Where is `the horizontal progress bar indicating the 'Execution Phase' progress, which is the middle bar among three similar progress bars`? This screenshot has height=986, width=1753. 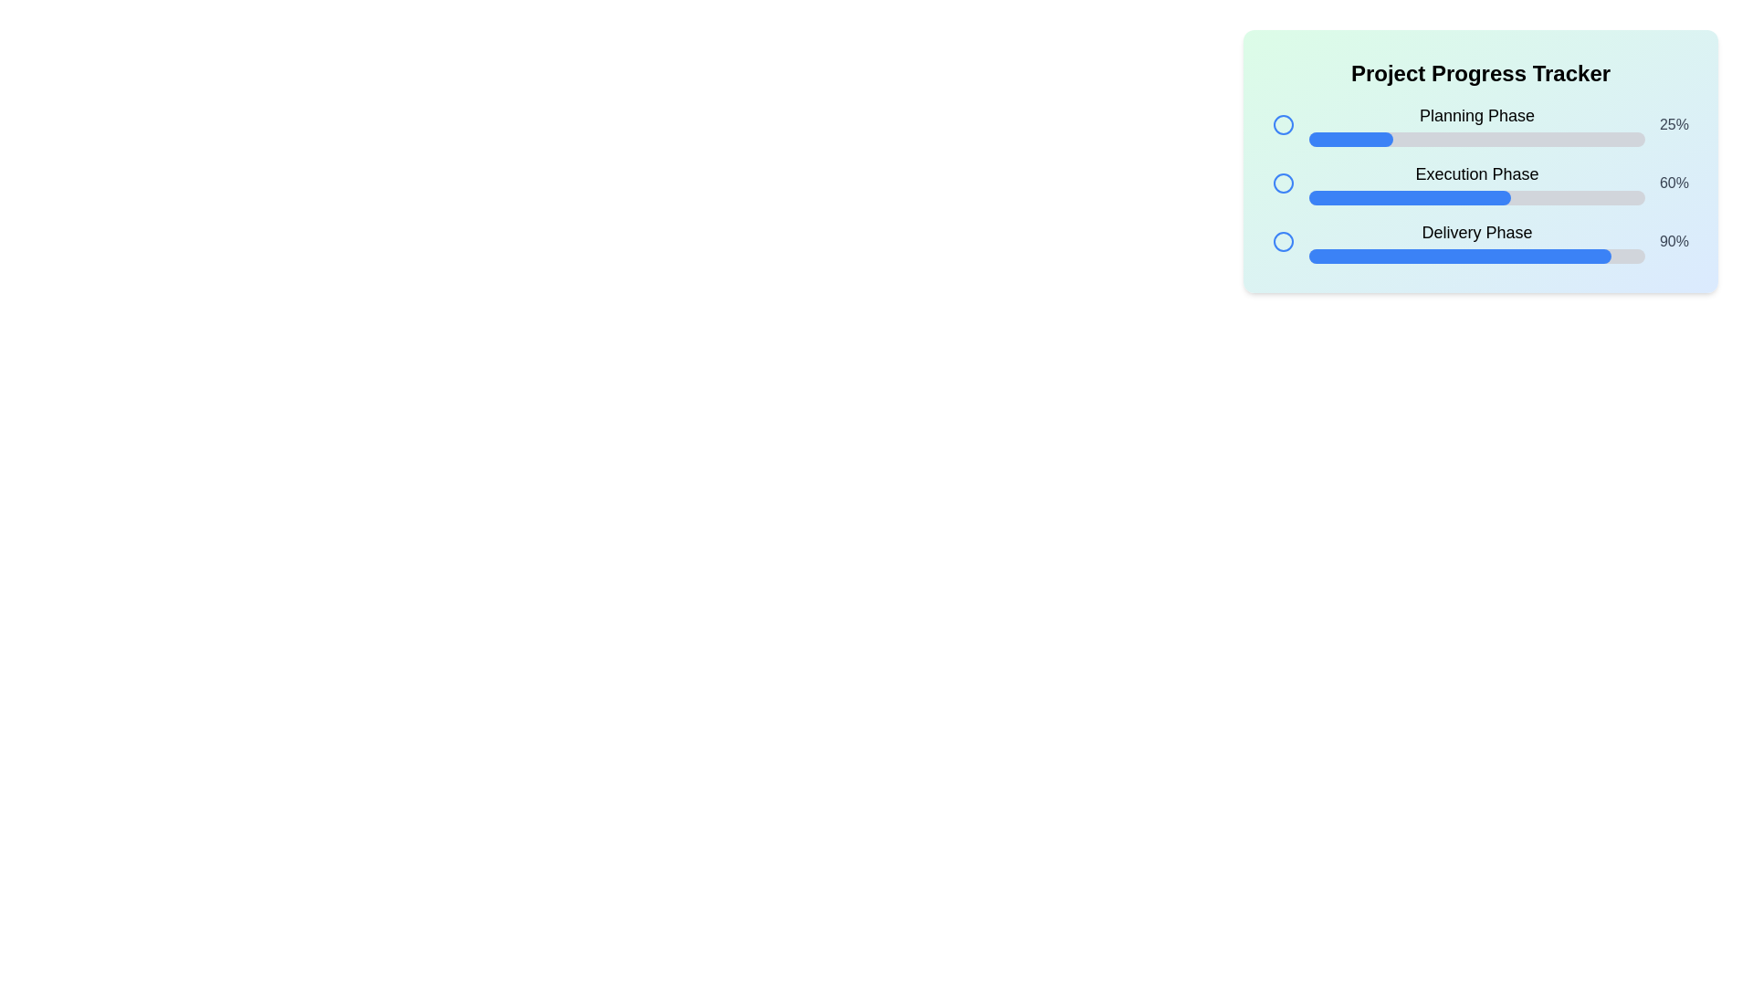
the horizontal progress bar indicating the 'Execution Phase' progress, which is the middle bar among three similar progress bars is located at coordinates (1476, 197).